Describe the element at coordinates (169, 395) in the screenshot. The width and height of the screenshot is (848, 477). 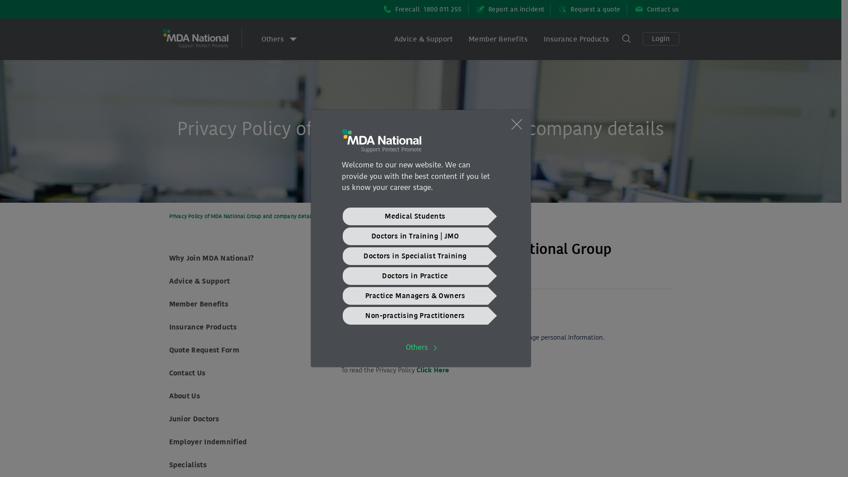
I see `'About Us'` at that location.